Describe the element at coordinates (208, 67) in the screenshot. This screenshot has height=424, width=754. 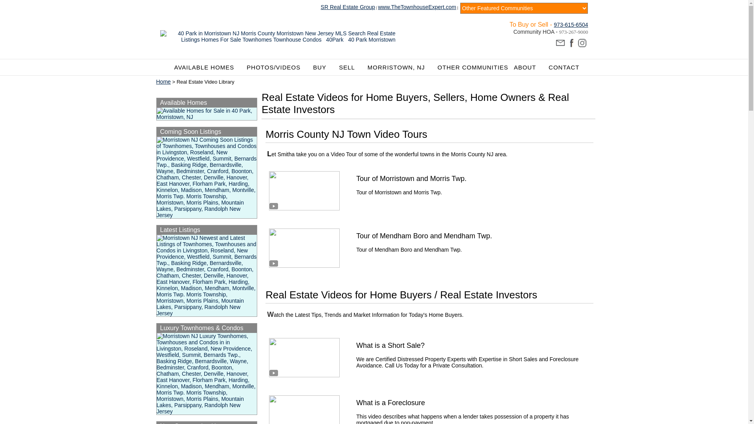
I see `'AVAILABLE HOMES'` at that location.